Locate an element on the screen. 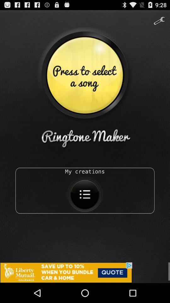 The width and height of the screenshot is (170, 303). the build icon is located at coordinates (159, 20).